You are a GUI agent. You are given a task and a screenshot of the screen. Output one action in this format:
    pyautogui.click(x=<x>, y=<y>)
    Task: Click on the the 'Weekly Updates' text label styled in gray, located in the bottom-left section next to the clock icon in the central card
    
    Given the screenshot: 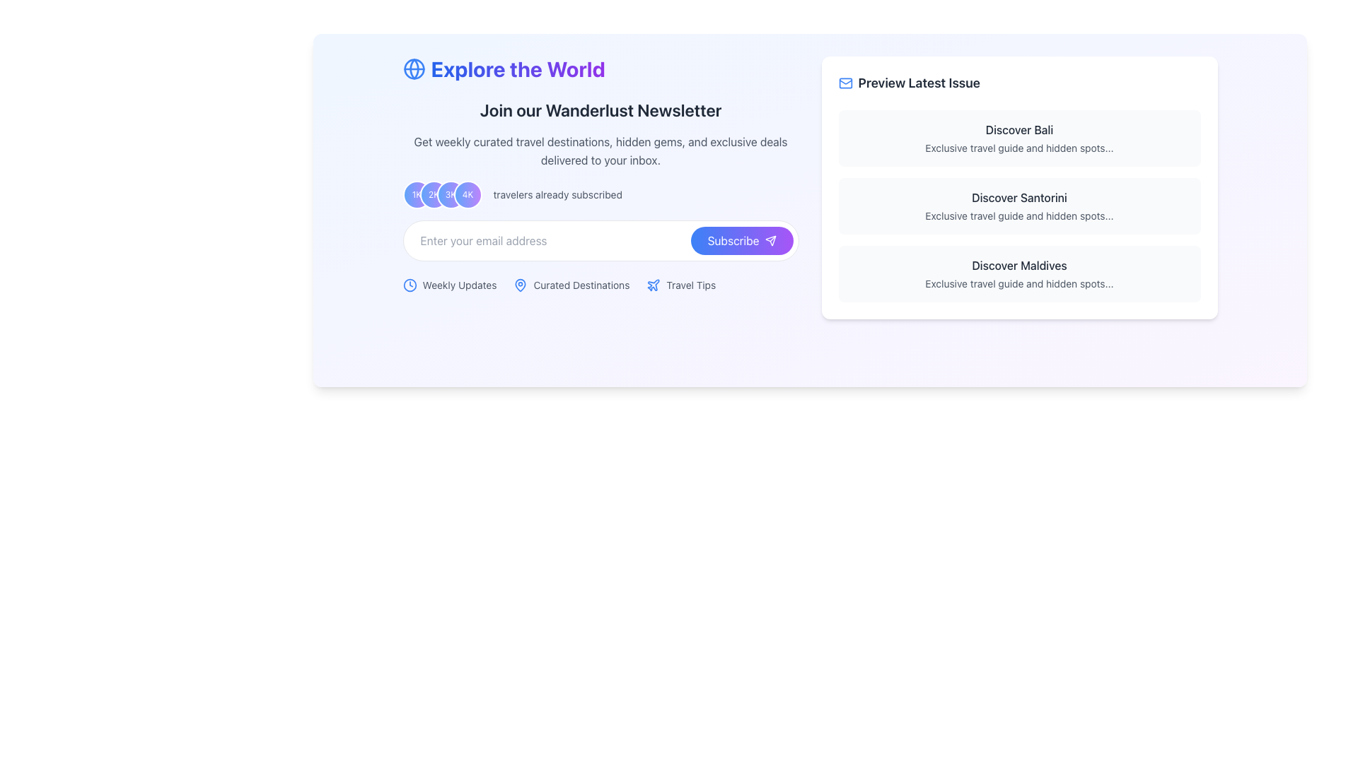 What is the action you would take?
    pyautogui.click(x=459, y=285)
    